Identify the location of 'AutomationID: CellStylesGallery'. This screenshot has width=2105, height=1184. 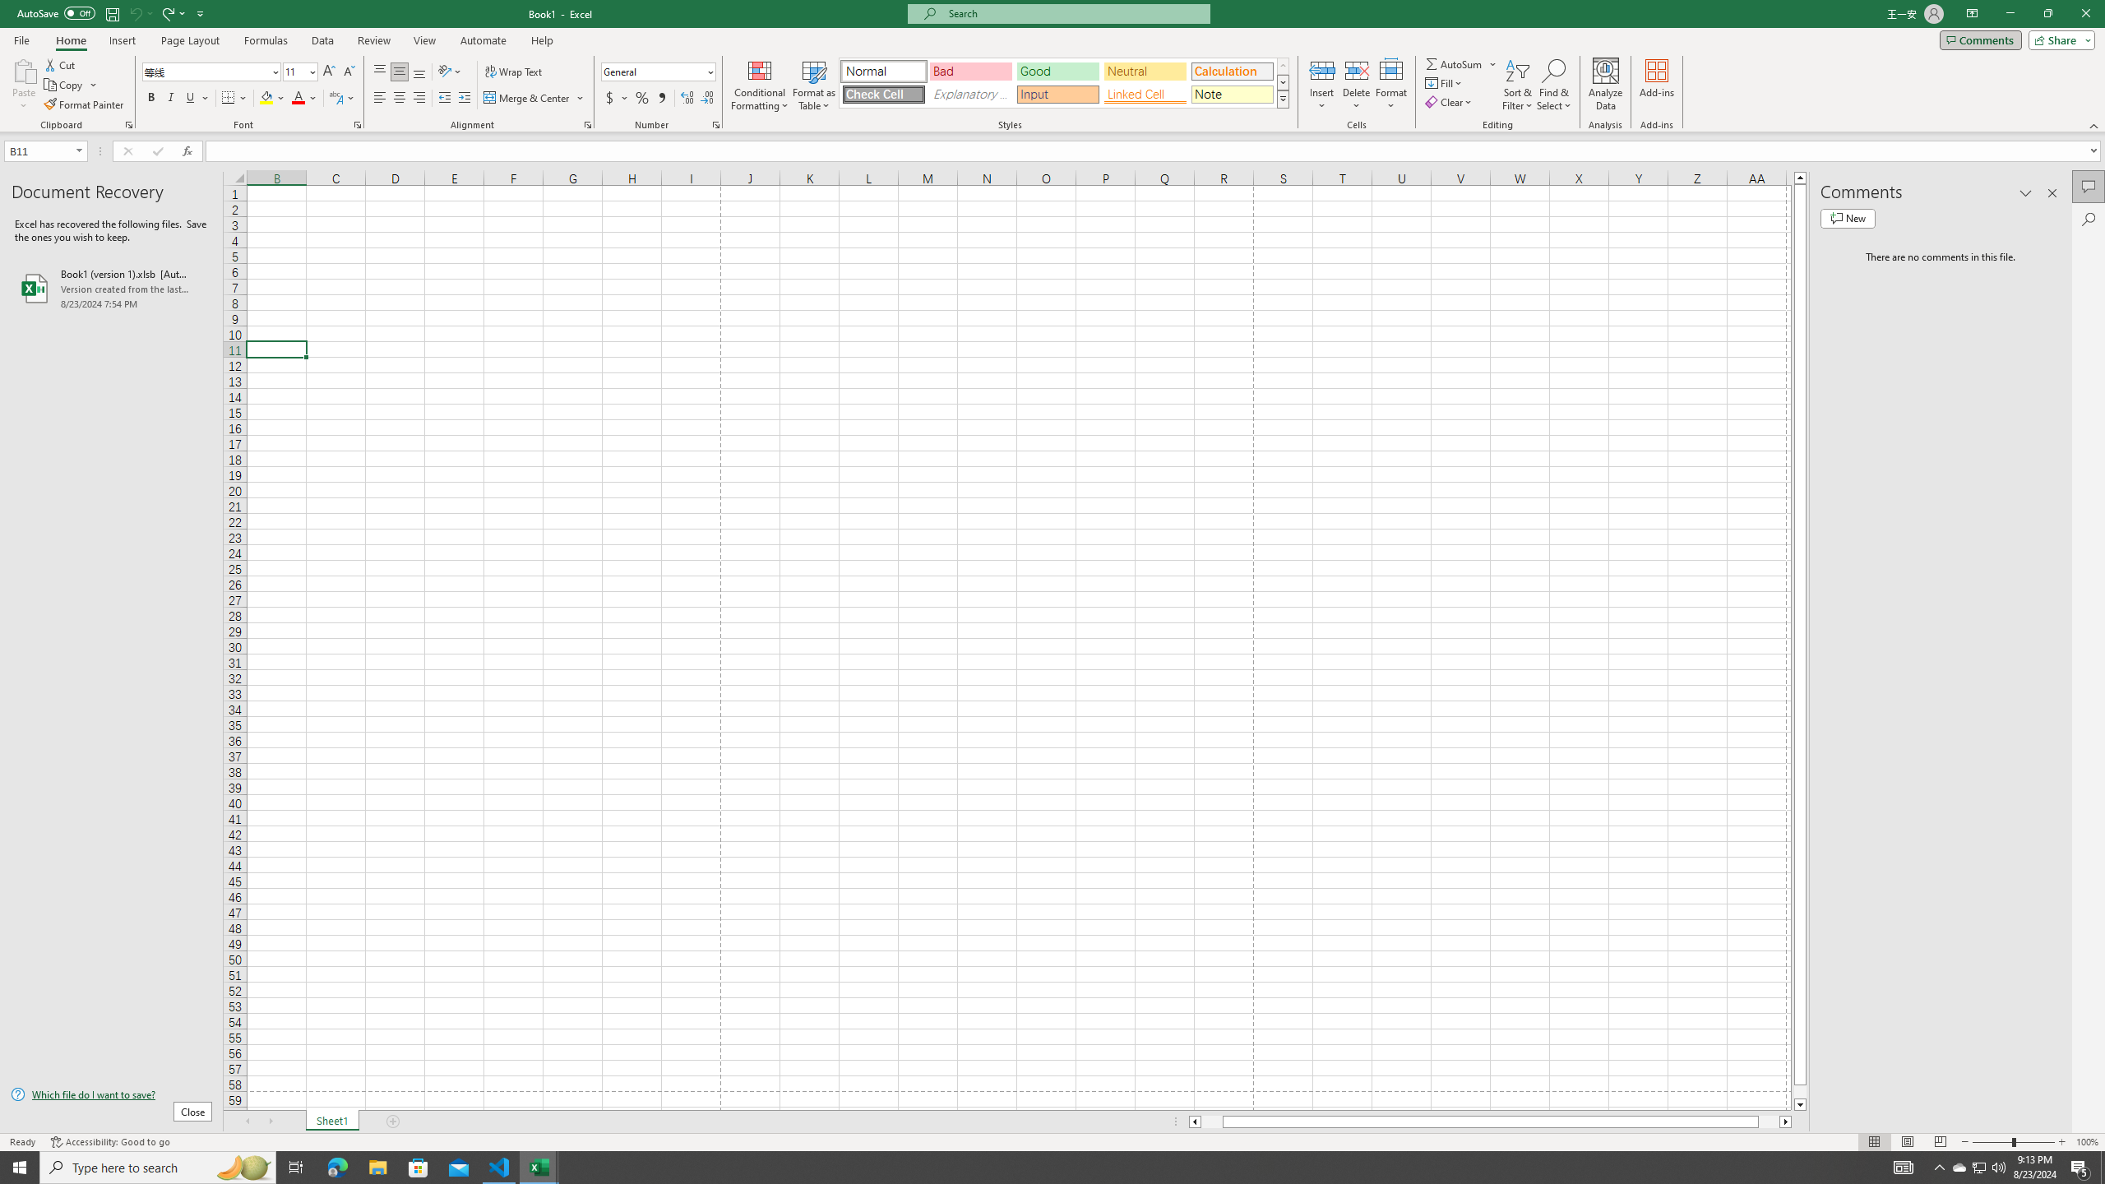
(1065, 82).